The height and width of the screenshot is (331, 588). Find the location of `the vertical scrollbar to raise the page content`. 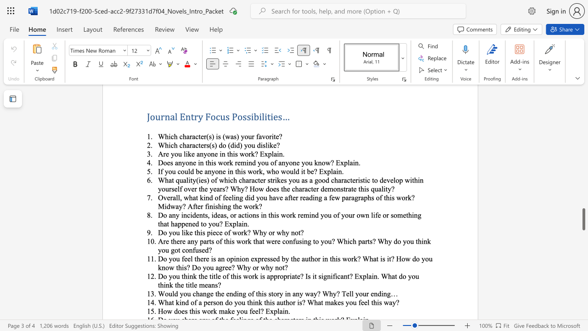

the vertical scrollbar to raise the page content is located at coordinates (583, 151).